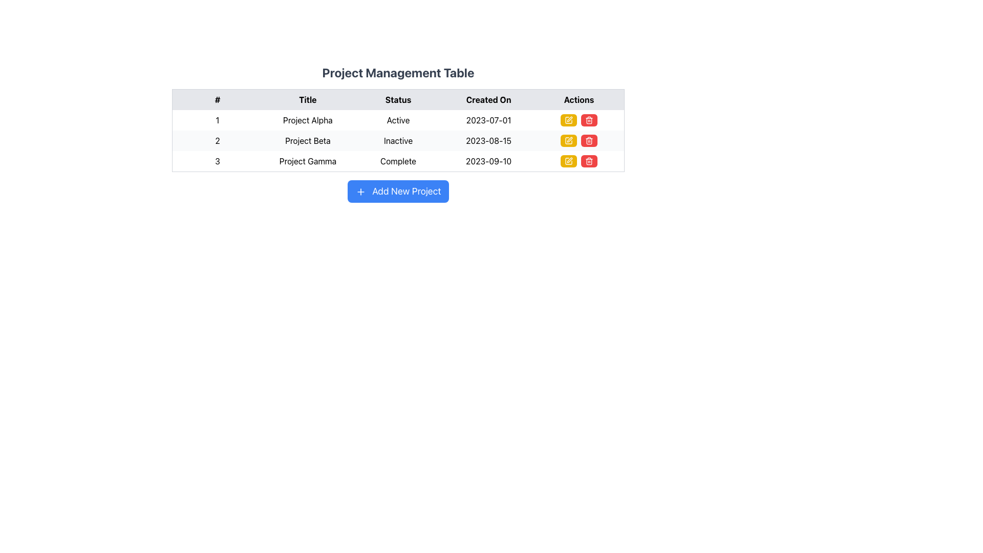 Image resolution: width=983 pixels, height=553 pixels. Describe the element at coordinates (568, 120) in the screenshot. I see `the edit button located` at that location.